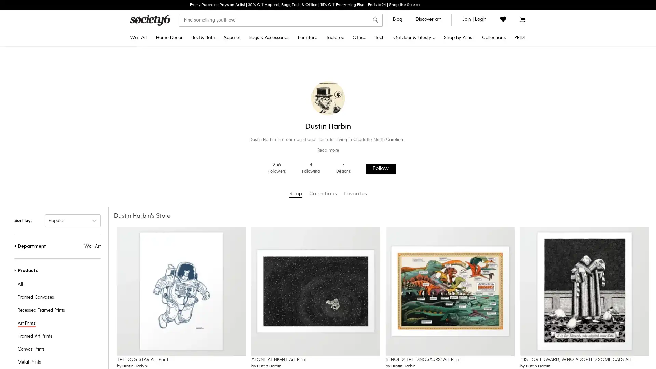  I want to click on Stickers, so click(376, 66).